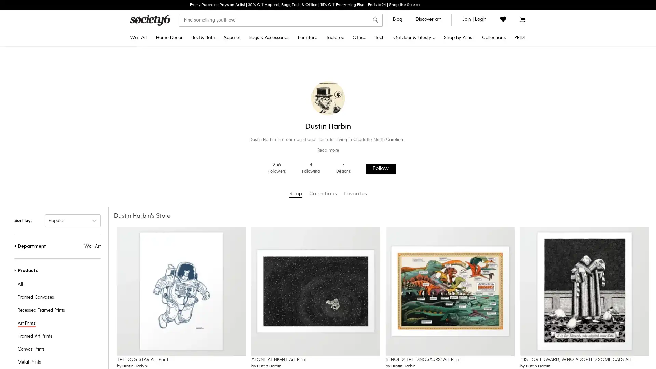  I want to click on Stickers, so click(376, 66).